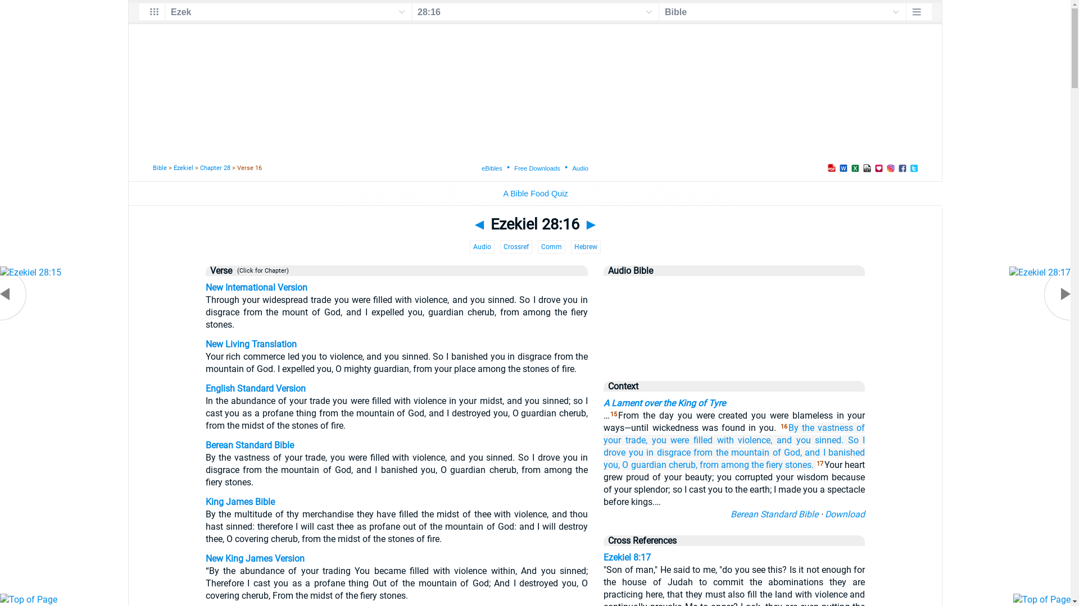  Describe the element at coordinates (691, 439) in the screenshot. I see `'were filled'` at that location.